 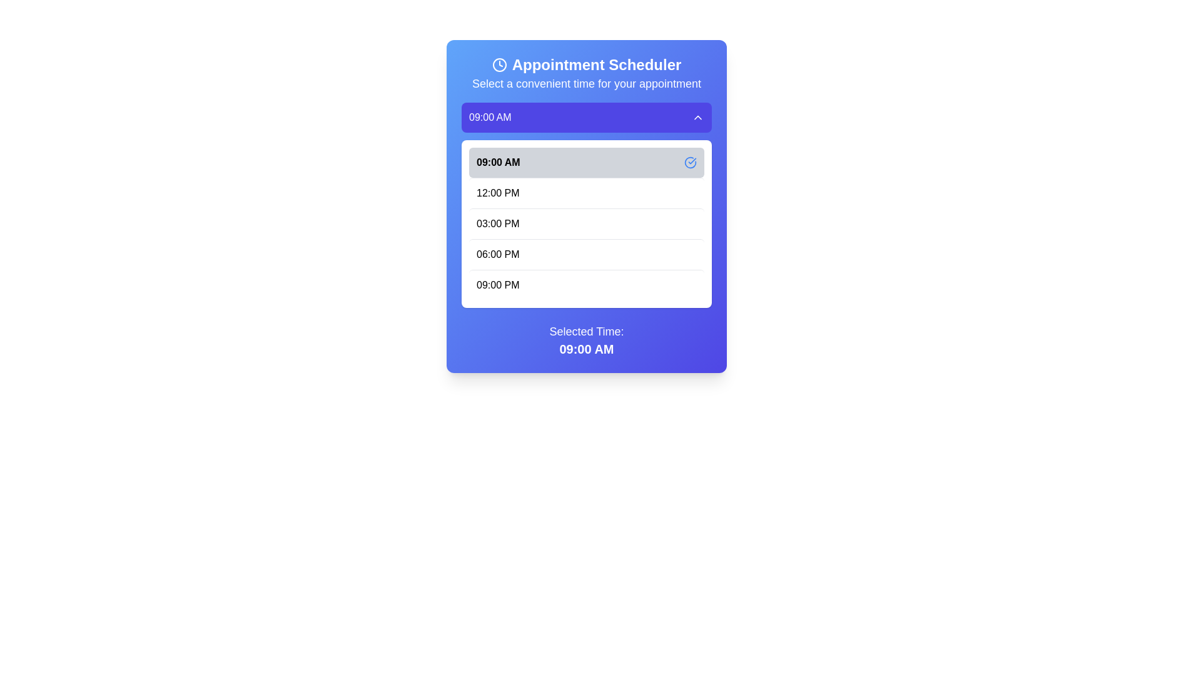 I want to click on the time selection icon located to the right of '09:00 AM' in the dropdown list, so click(x=690, y=161).